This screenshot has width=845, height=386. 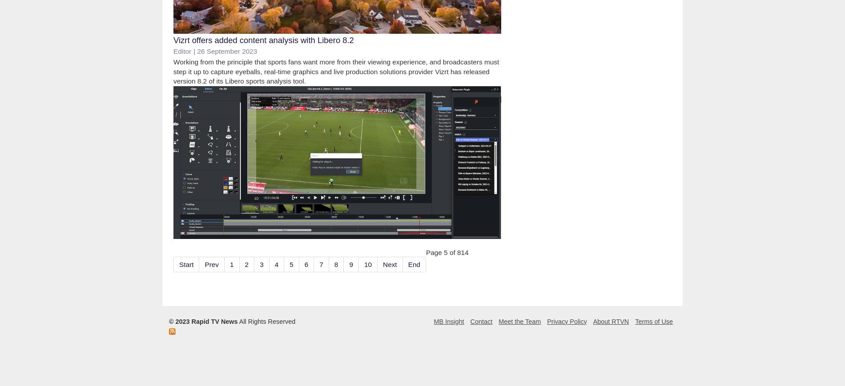 I want to click on 'Vizrt offers added content analysis with Libero 8.2', so click(x=263, y=40).